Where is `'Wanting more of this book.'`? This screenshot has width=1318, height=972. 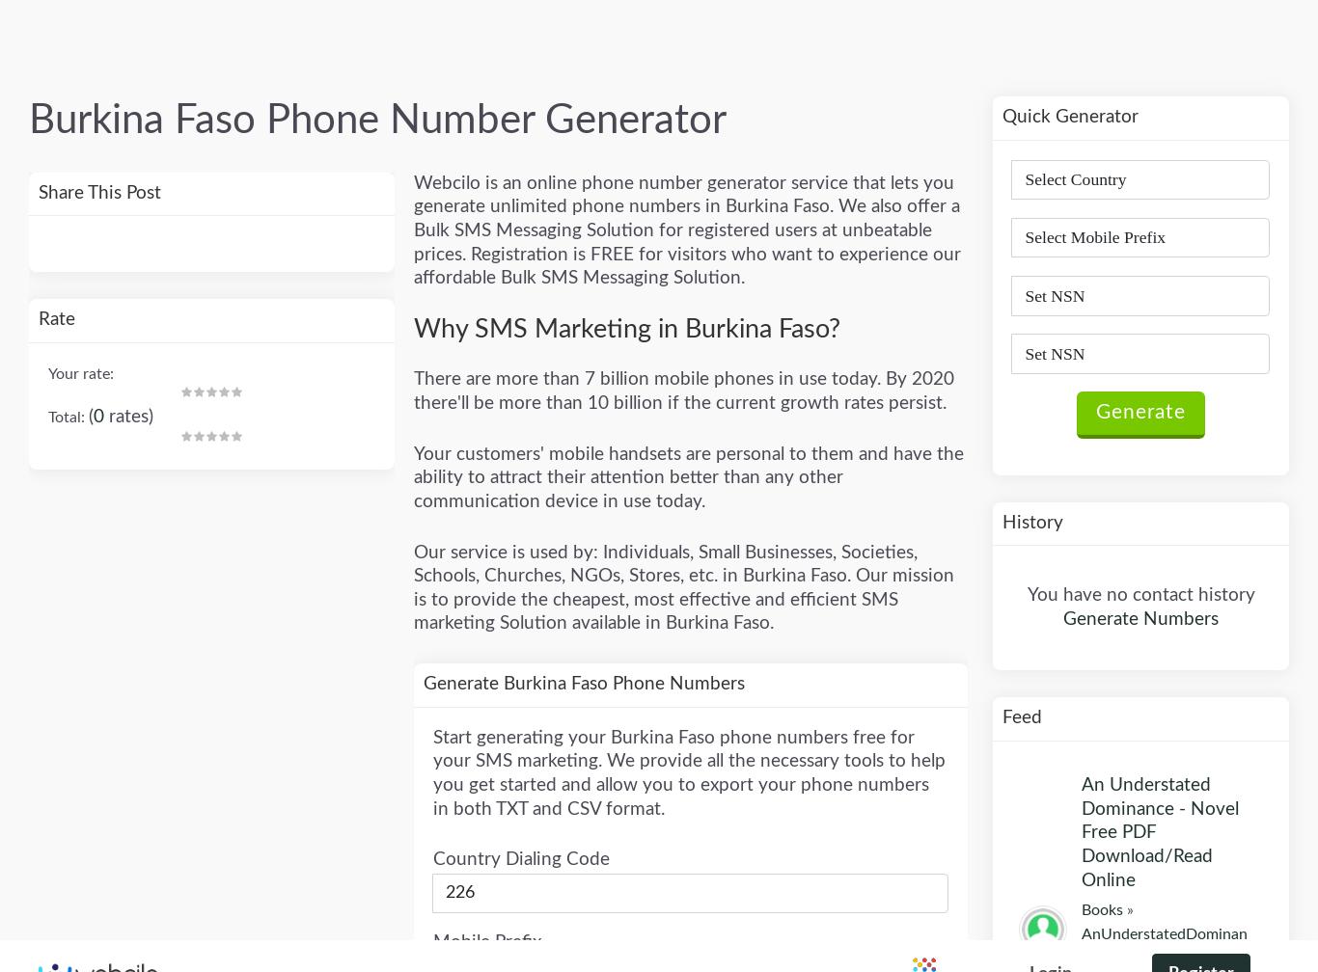 'Wanting more of this book.' is located at coordinates (1151, 518).